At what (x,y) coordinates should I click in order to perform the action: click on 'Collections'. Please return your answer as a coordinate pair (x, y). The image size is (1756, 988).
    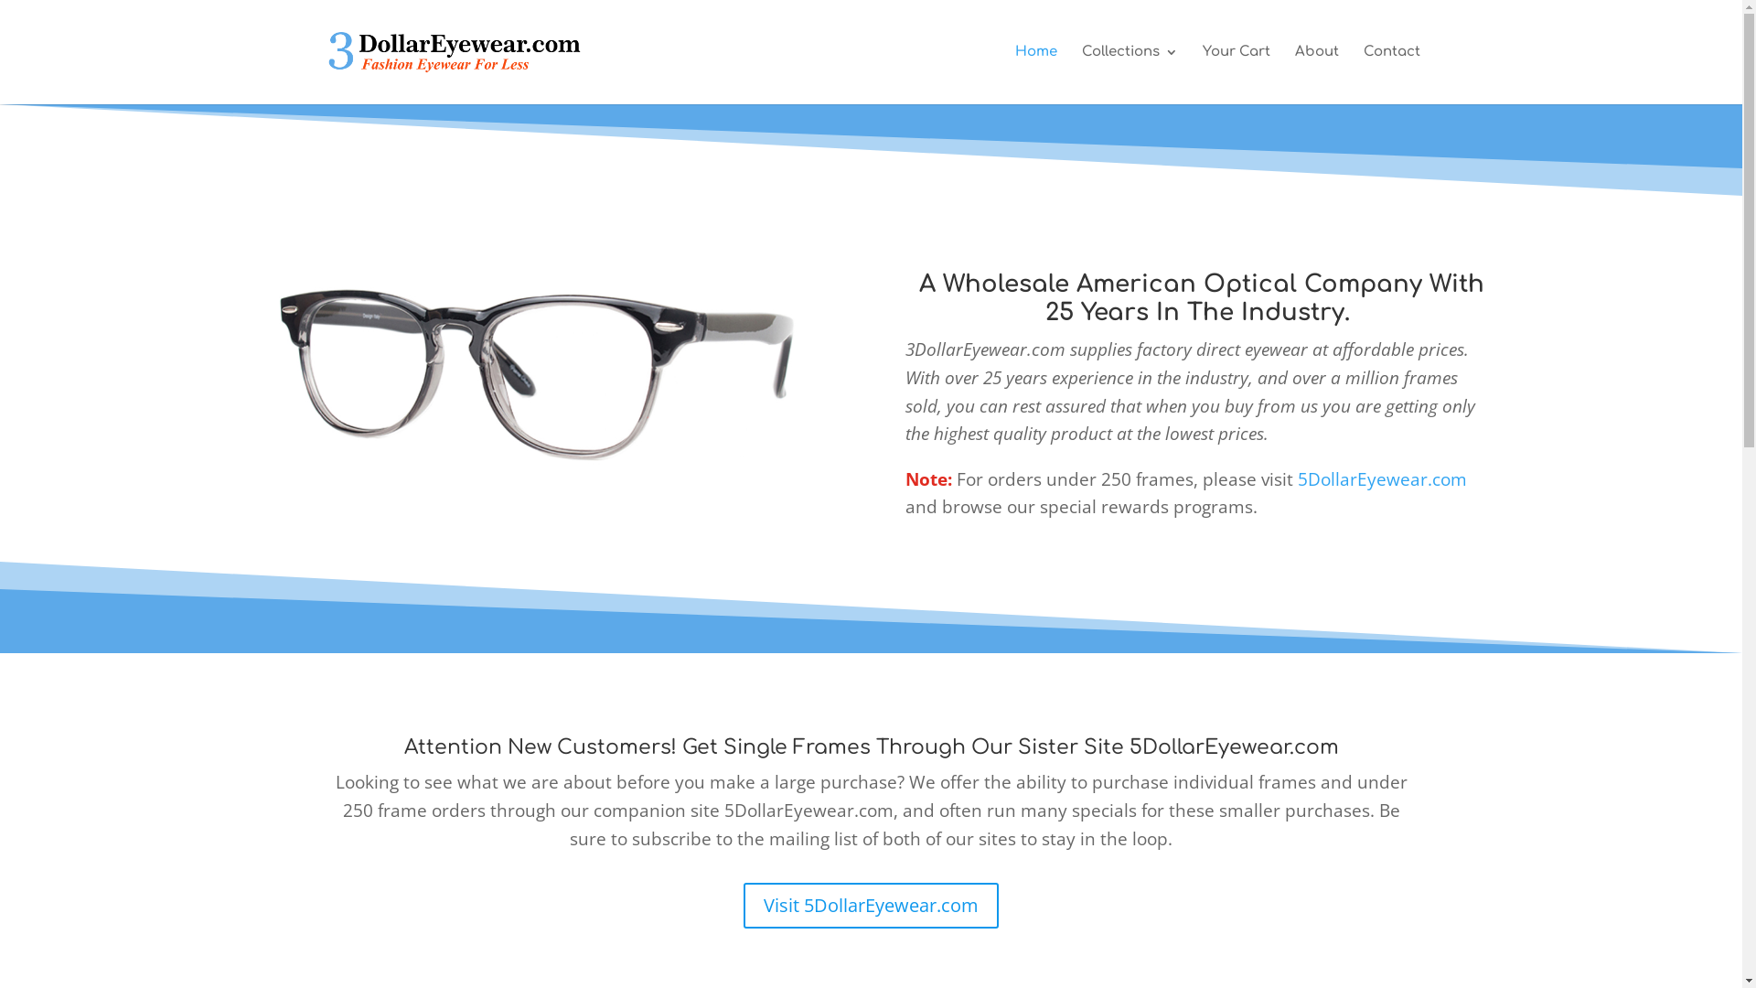
    Looking at the image, I should click on (1080, 73).